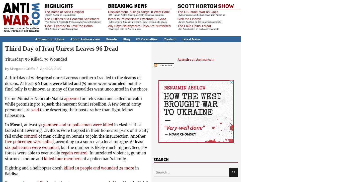 The width and height of the screenshot is (361, 182). What do you see at coordinates (16, 125) in the screenshot?
I see `'Mosul'` at bounding box center [16, 125].